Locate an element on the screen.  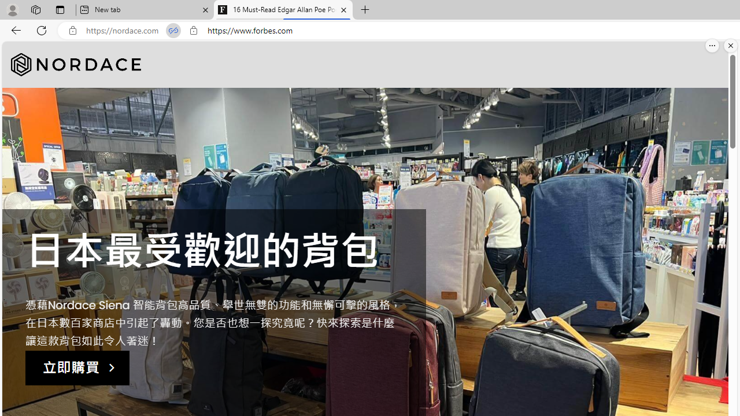
'Refresh' is located at coordinates (42, 29).